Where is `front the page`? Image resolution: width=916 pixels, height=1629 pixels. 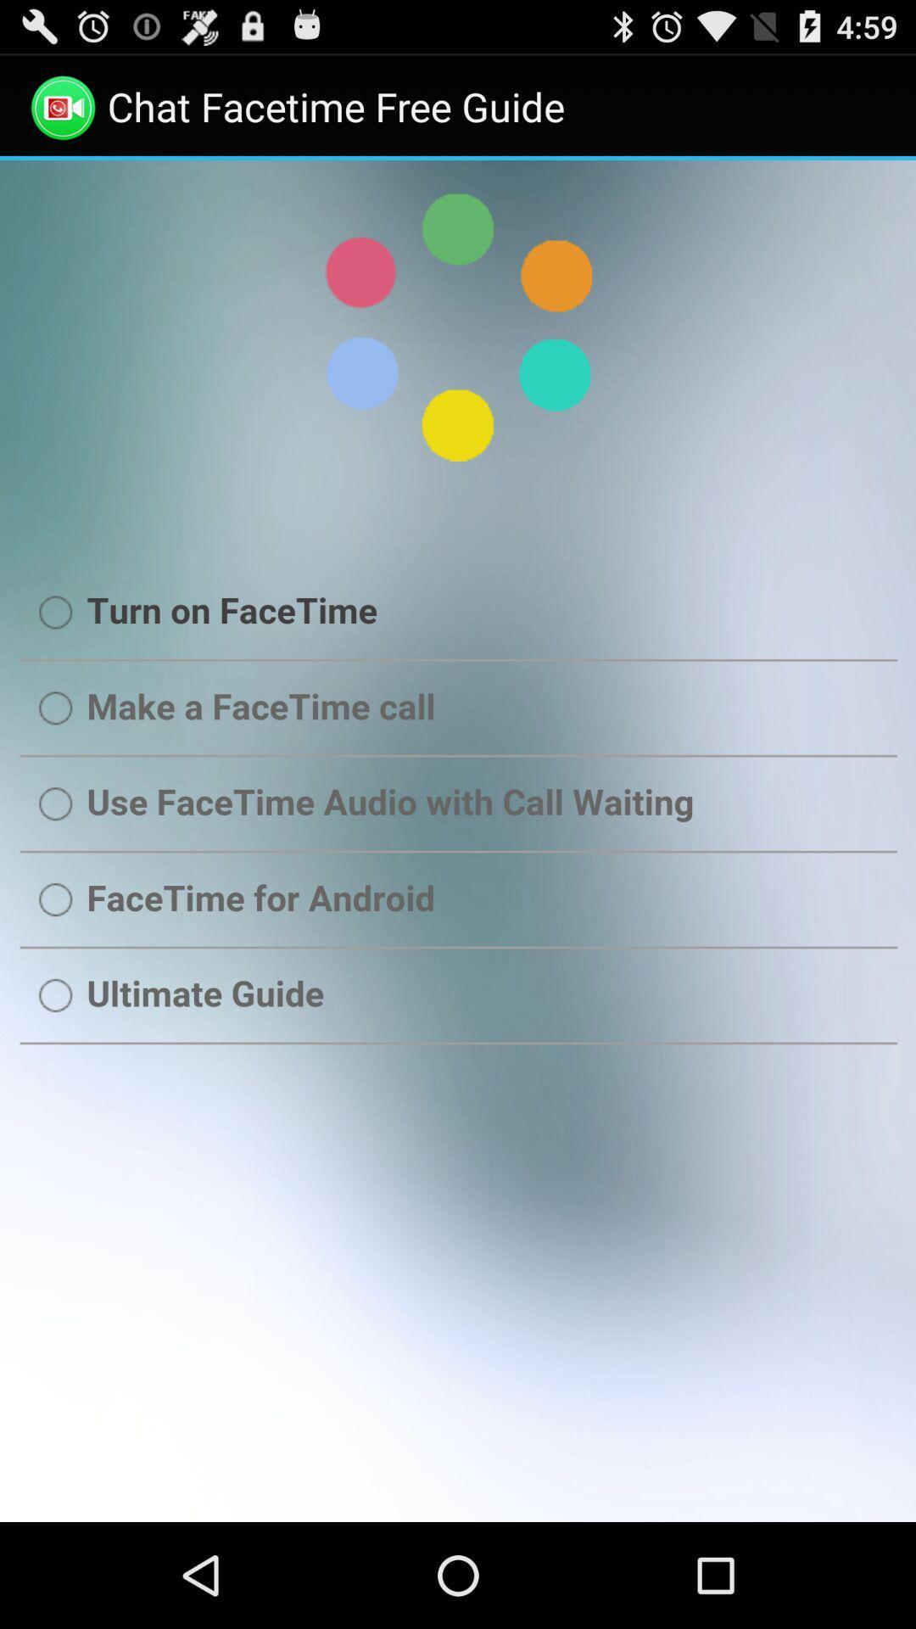
front the page is located at coordinates (458, 841).